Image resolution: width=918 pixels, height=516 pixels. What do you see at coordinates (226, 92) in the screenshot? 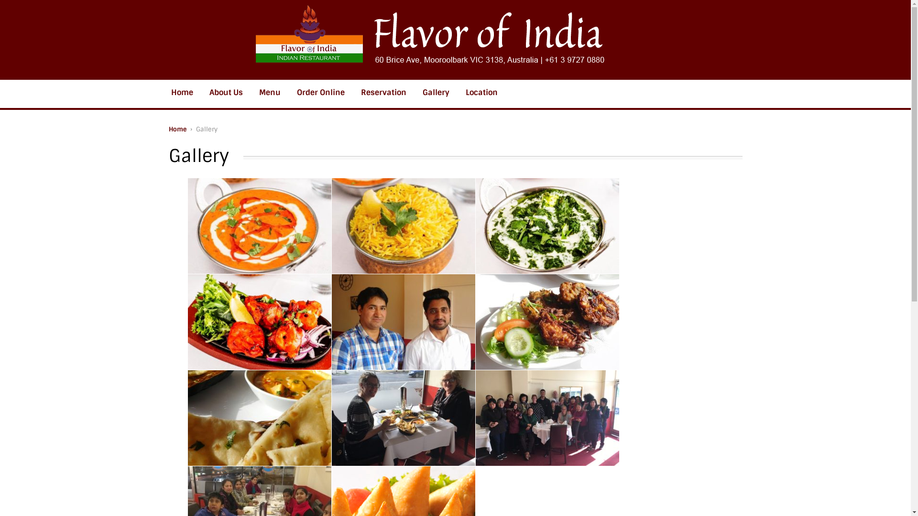
I see `'About Us'` at bounding box center [226, 92].